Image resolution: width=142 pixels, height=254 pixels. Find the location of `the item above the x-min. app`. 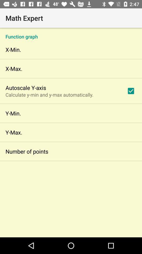

the item above the x-min. app is located at coordinates (71, 33).